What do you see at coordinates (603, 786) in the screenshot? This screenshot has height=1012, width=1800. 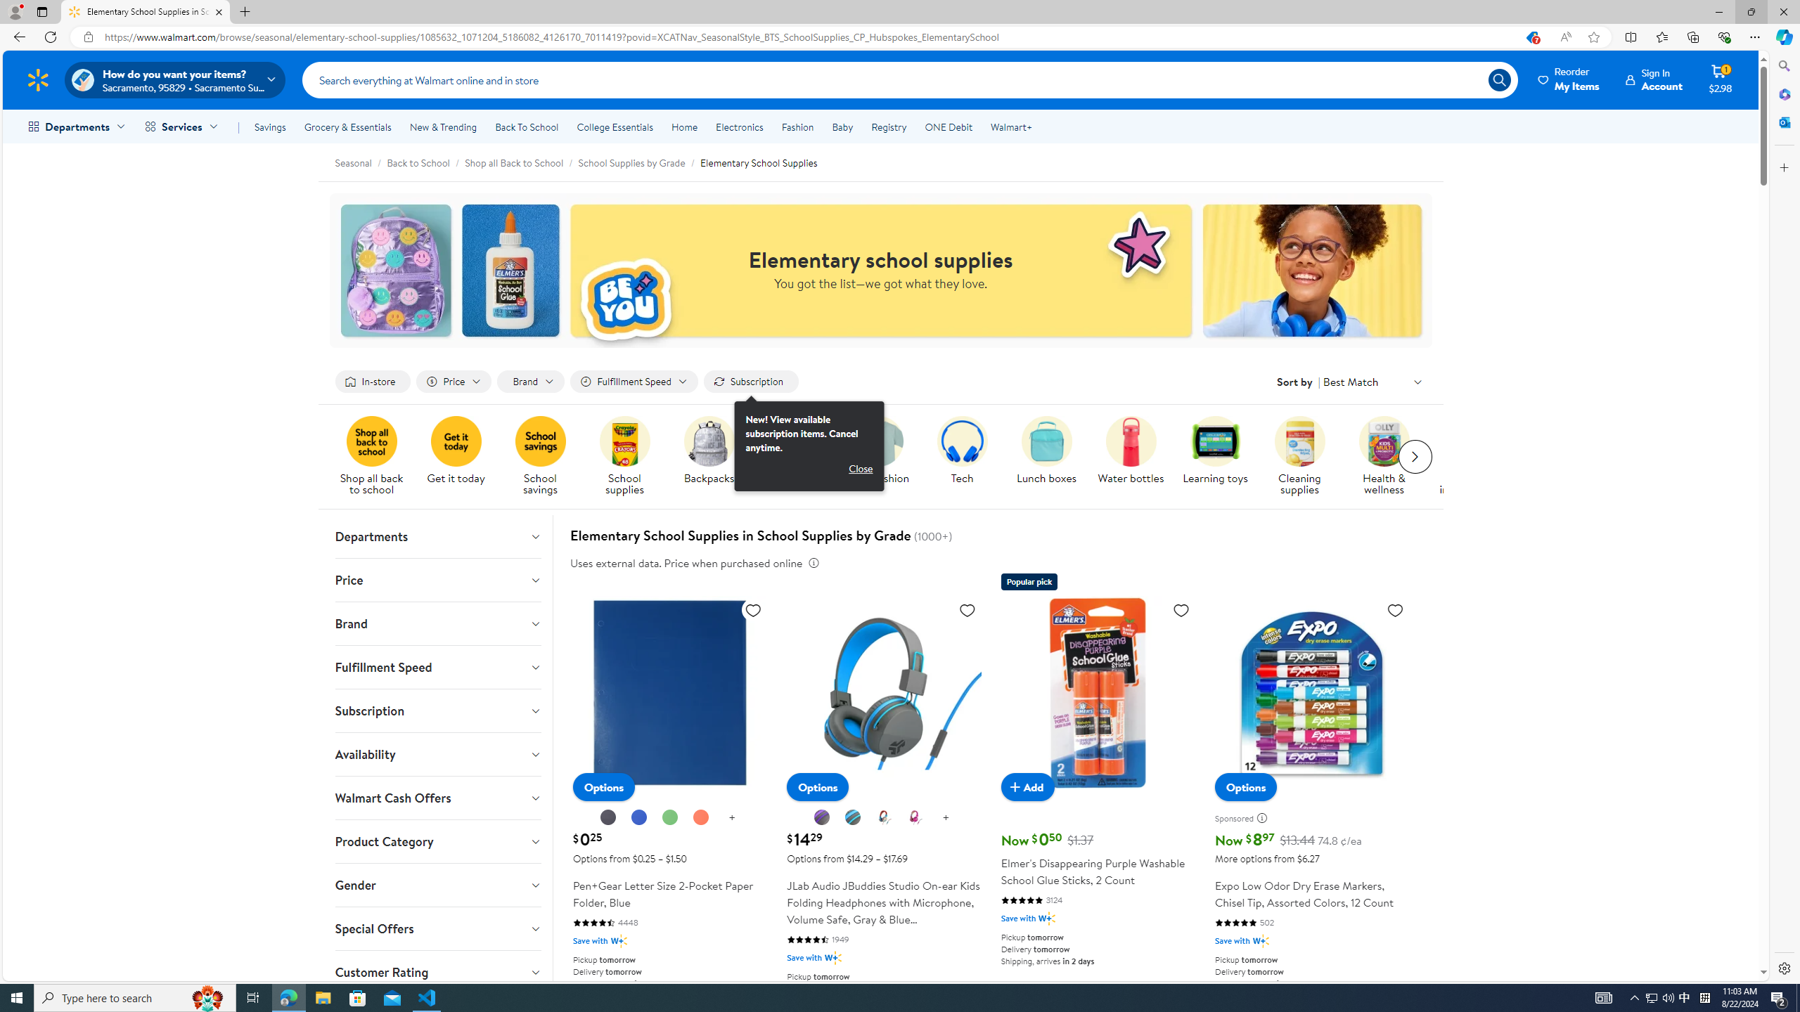 I see `'Options - Pen+Gear Letter Size 2-Pocket Paper Folder, Blue'` at bounding box center [603, 786].